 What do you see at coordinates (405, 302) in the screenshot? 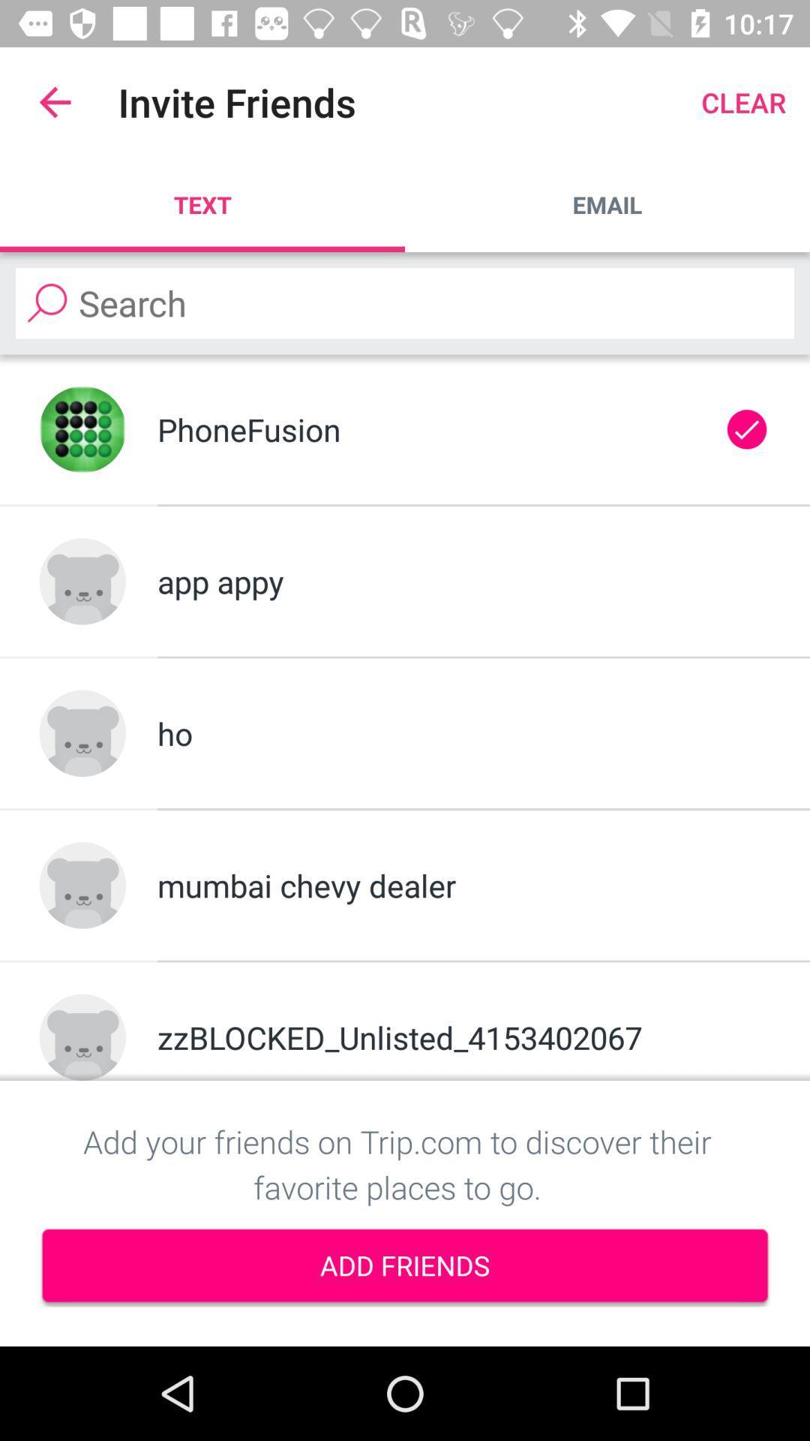
I see `search friends` at bounding box center [405, 302].